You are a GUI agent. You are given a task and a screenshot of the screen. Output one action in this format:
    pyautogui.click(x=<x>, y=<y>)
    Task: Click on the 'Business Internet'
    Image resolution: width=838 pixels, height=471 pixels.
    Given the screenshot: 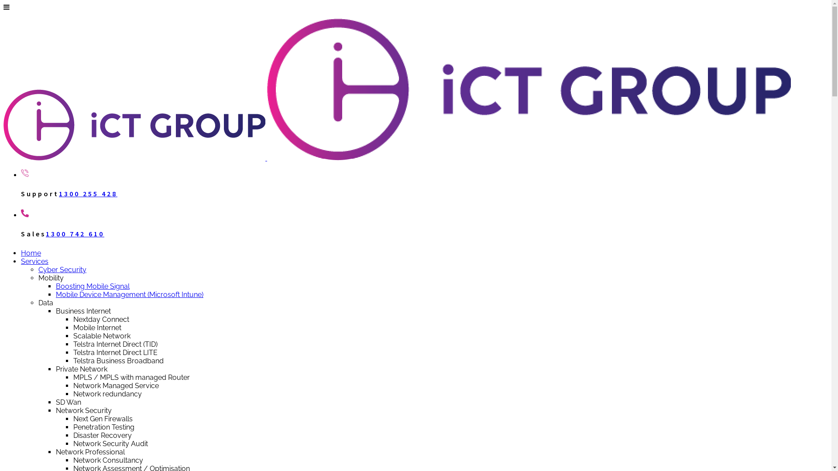 What is the action you would take?
    pyautogui.click(x=83, y=311)
    